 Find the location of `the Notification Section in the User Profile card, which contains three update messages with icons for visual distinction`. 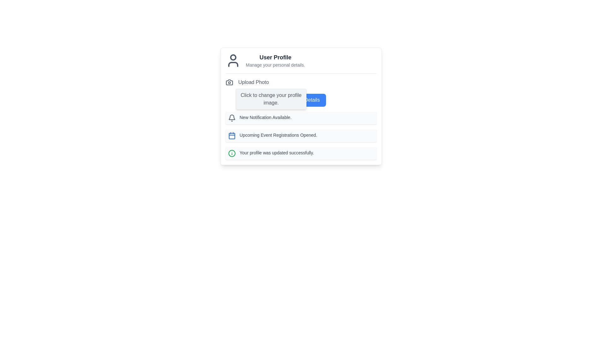

the Notification Section in the User Profile card, which contains three update messages with icons for visual distinction is located at coordinates (301, 135).